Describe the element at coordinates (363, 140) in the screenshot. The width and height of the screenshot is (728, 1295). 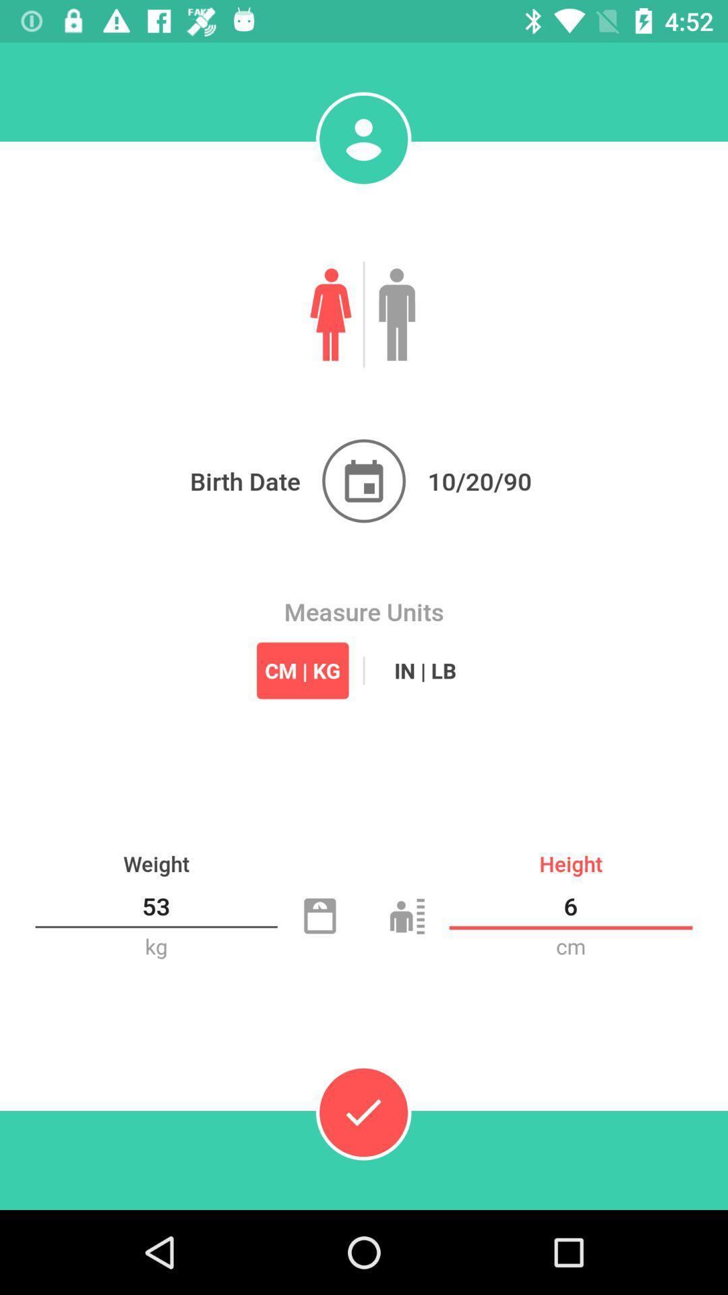
I see `profile` at that location.